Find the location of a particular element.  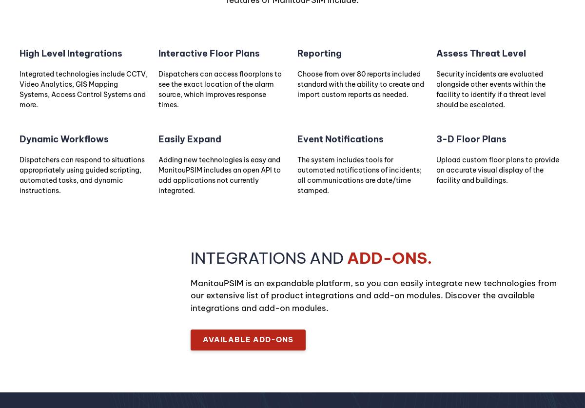

'Dispatchers can respond to situations appropriately using guided scripting, automated tasks, and dynamic instructions.' is located at coordinates (81, 175).